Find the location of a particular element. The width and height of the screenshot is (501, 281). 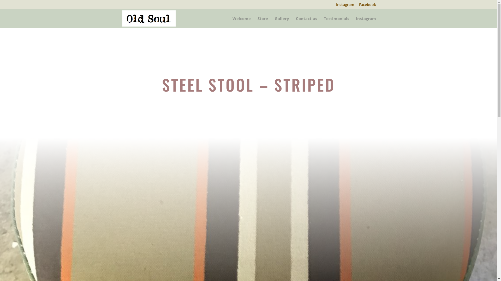

'Gallery' is located at coordinates (281, 22).